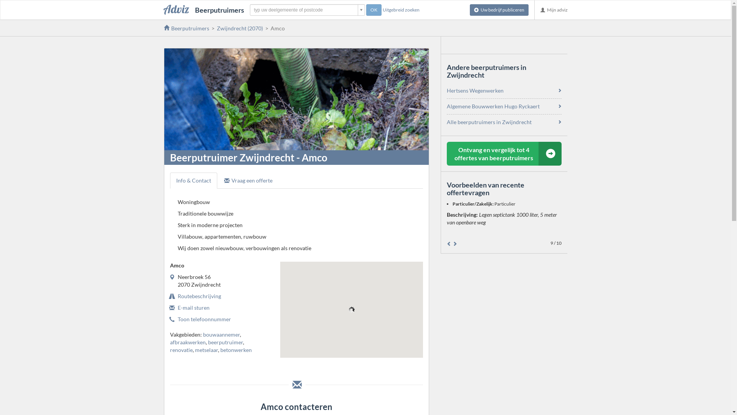 The image size is (737, 415). Describe the element at coordinates (193, 307) in the screenshot. I see `'E-mail sturen'` at that location.